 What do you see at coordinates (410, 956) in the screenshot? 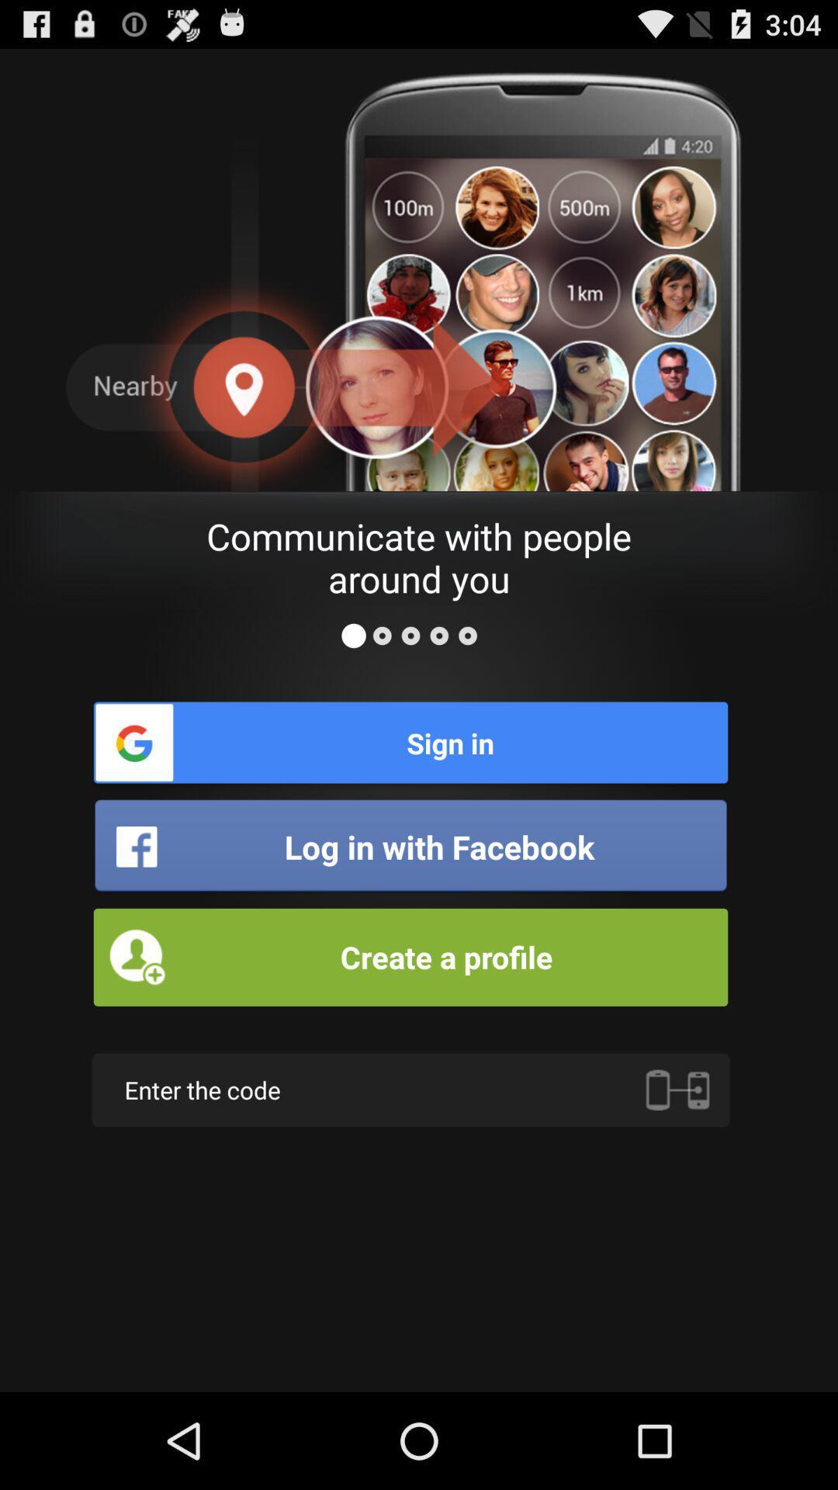
I see `item above enter the code icon` at bounding box center [410, 956].